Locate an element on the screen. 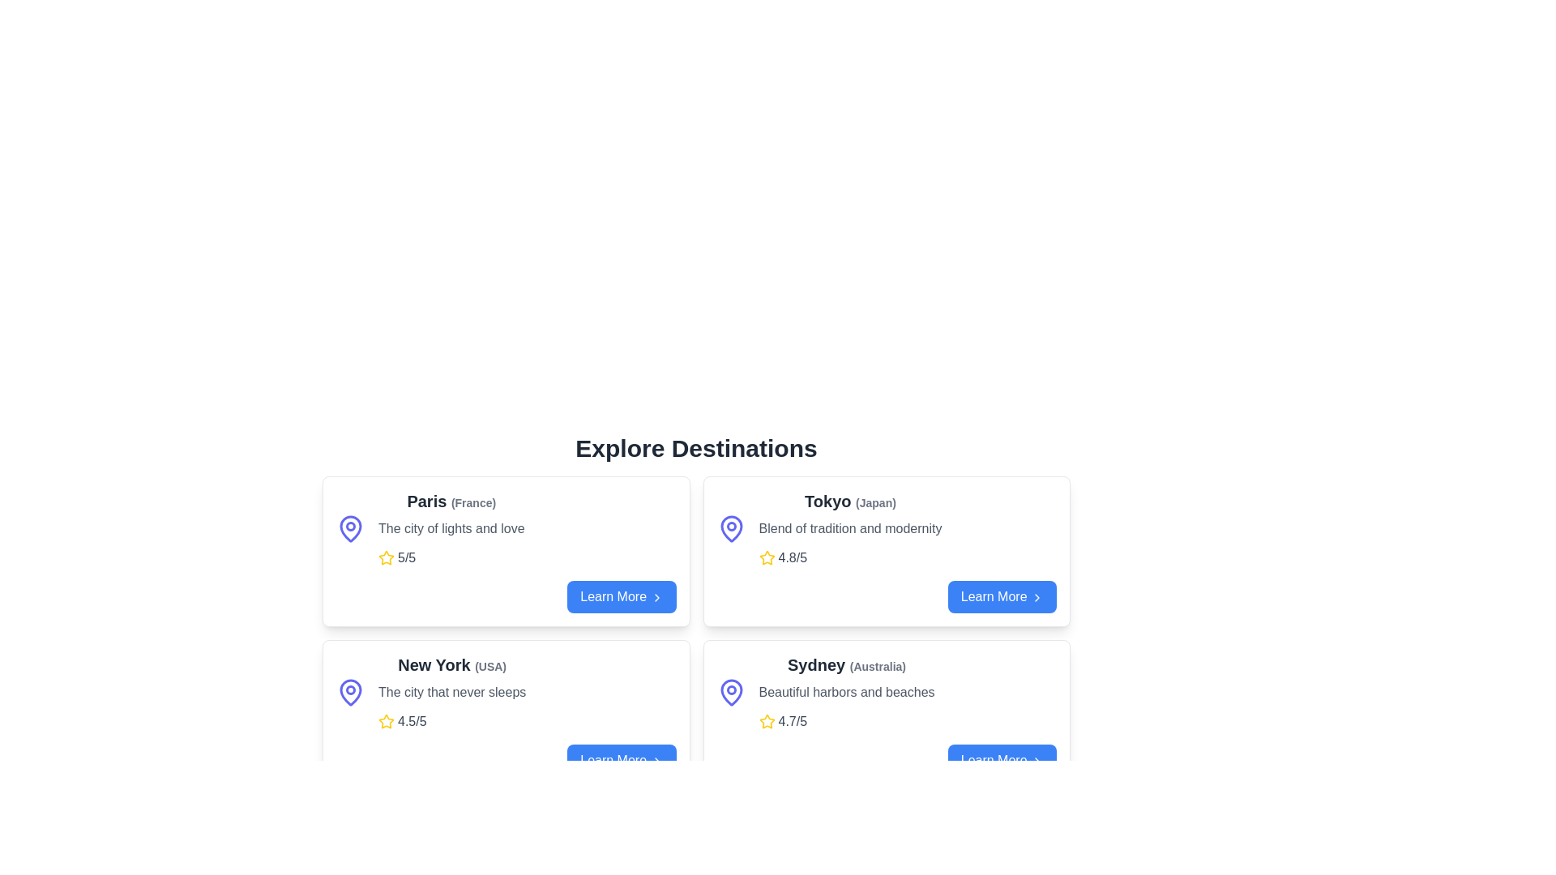 The height and width of the screenshot is (875, 1556). the text displaying the country name '(USA)' in light gray color, located next to the title 'New York' in the second row, first column of the destination grid is located at coordinates (489, 666).